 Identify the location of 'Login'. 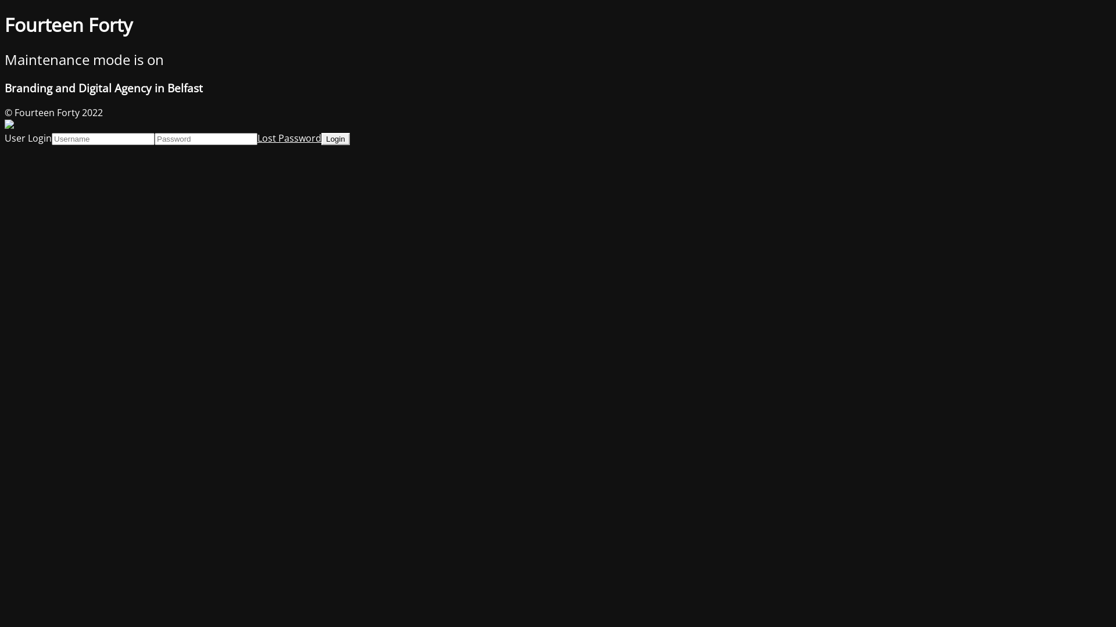
(321, 138).